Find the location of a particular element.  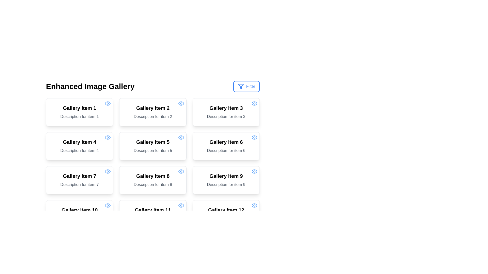

the 'eye' icon located in the top-right corner of the card labeled 'Gallery Item 4' is located at coordinates (108, 138).